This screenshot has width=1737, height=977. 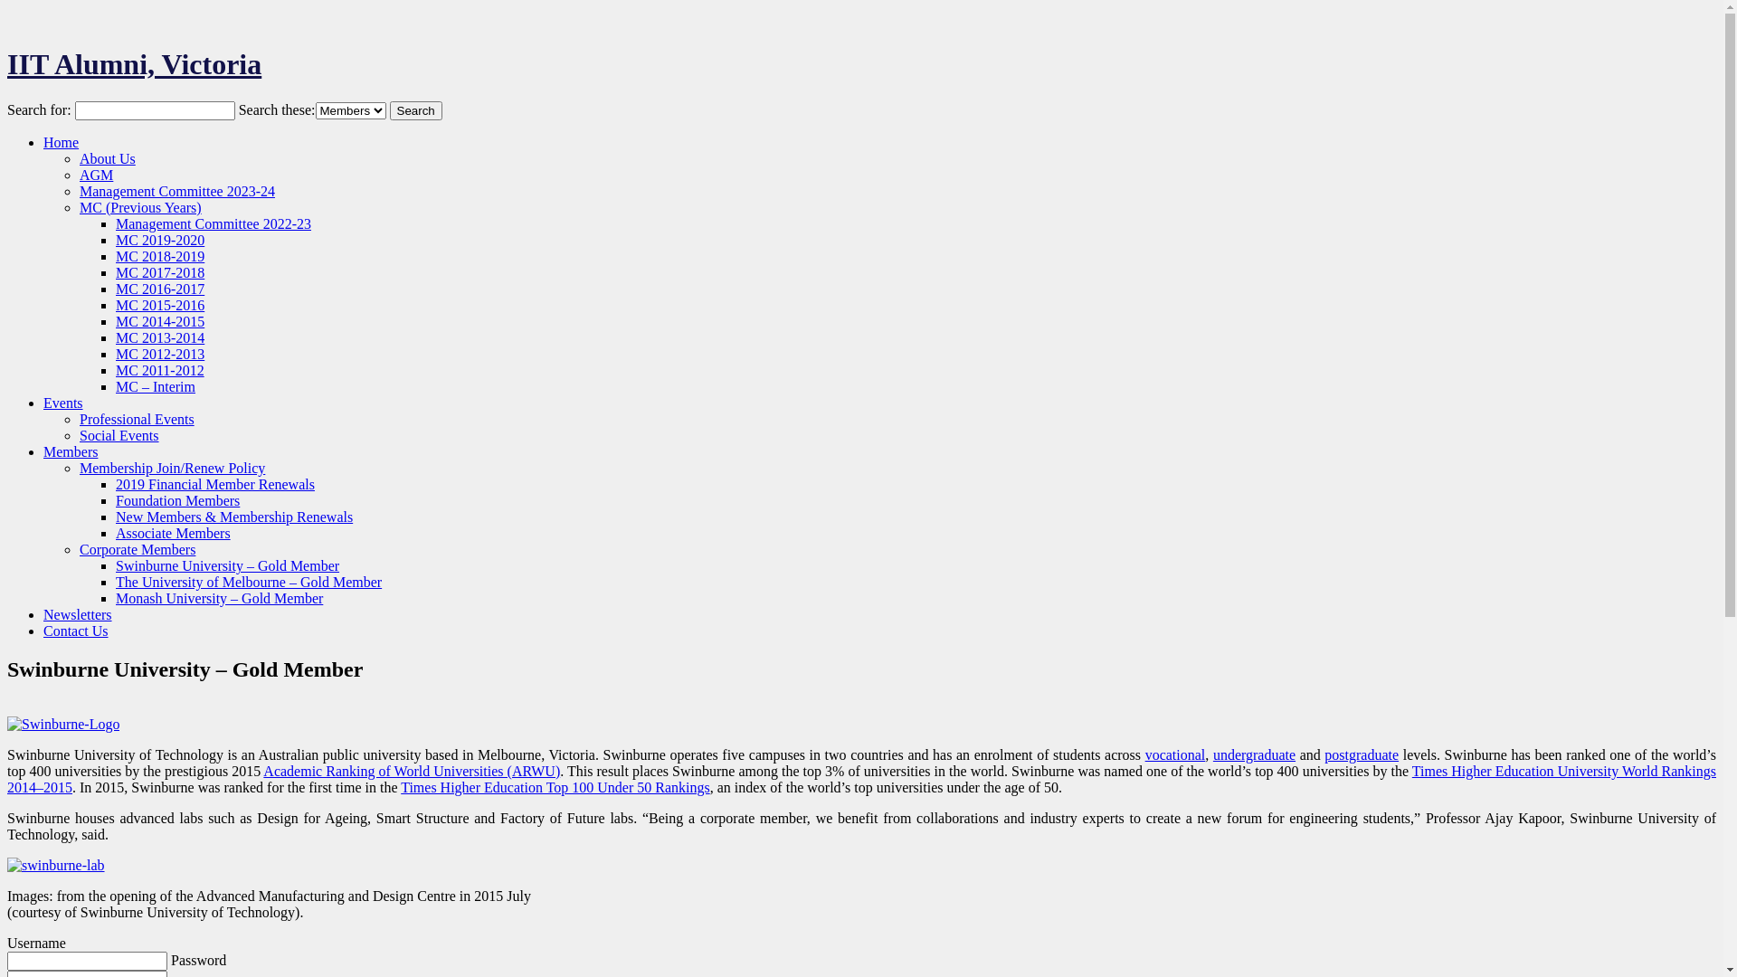 I want to click on 'postgraduate', so click(x=1324, y=754).